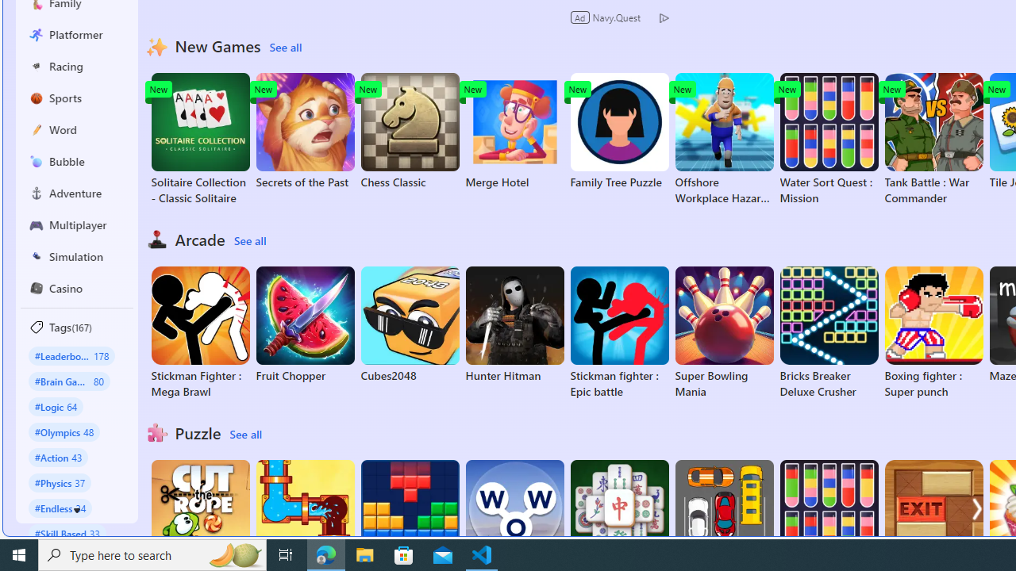 This screenshot has height=571, width=1016. Describe the element at coordinates (723, 139) in the screenshot. I see `'Offshore Workplace Hazard Game'` at that location.